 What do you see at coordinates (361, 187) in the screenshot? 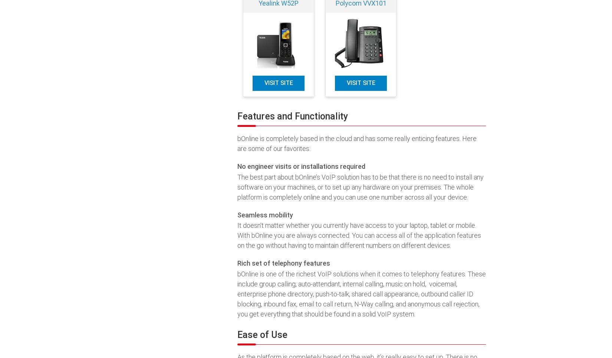
I see `'The best part about bOnline’s VoIP solution has to be that there is no need to install any software on your machines, or to set up any hardware on your premises. The whole platform is completely online and you can use one number across all your device.'` at bounding box center [361, 187].